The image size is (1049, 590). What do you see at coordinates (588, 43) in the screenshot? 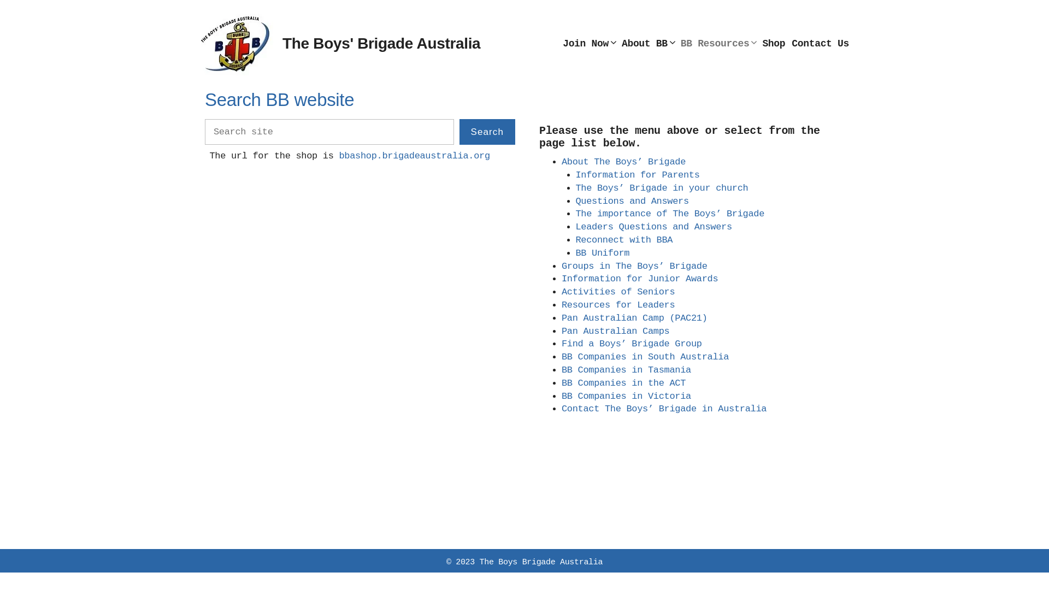
I see `'Join Now'` at bounding box center [588, 43].